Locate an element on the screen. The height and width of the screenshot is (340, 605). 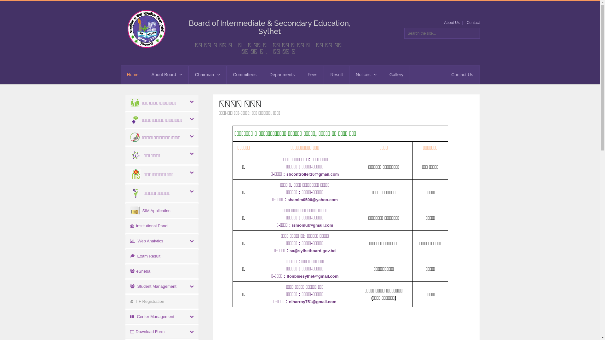
'Chairman' is located at coordinates (188, 74).